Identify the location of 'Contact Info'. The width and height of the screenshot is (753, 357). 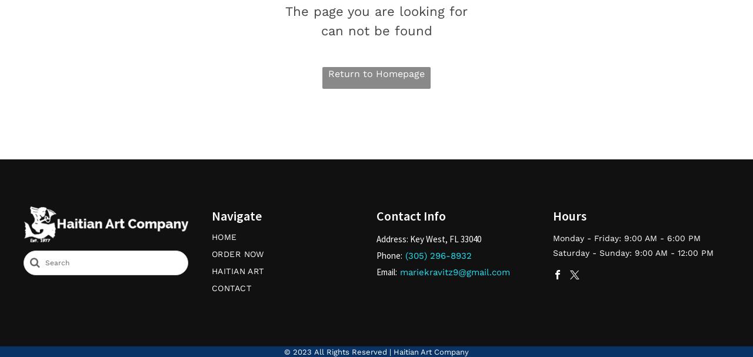
(411, 215).